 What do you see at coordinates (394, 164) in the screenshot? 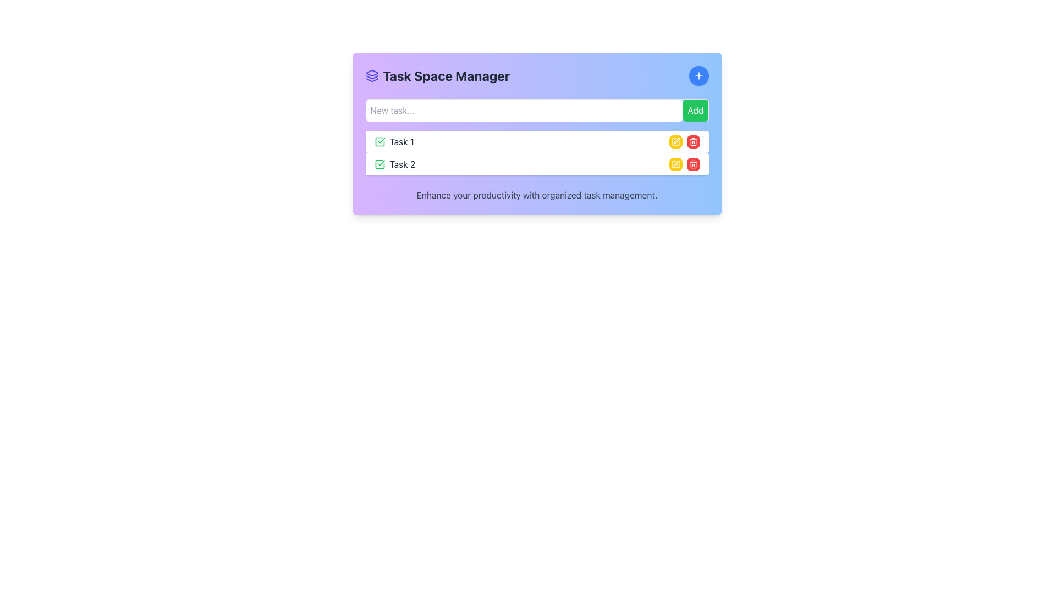
I see `the label element that displays the name or description of a task, located in the second row of a task list, adjacent to a green checkmark icon` at bounding box center [394, 164].